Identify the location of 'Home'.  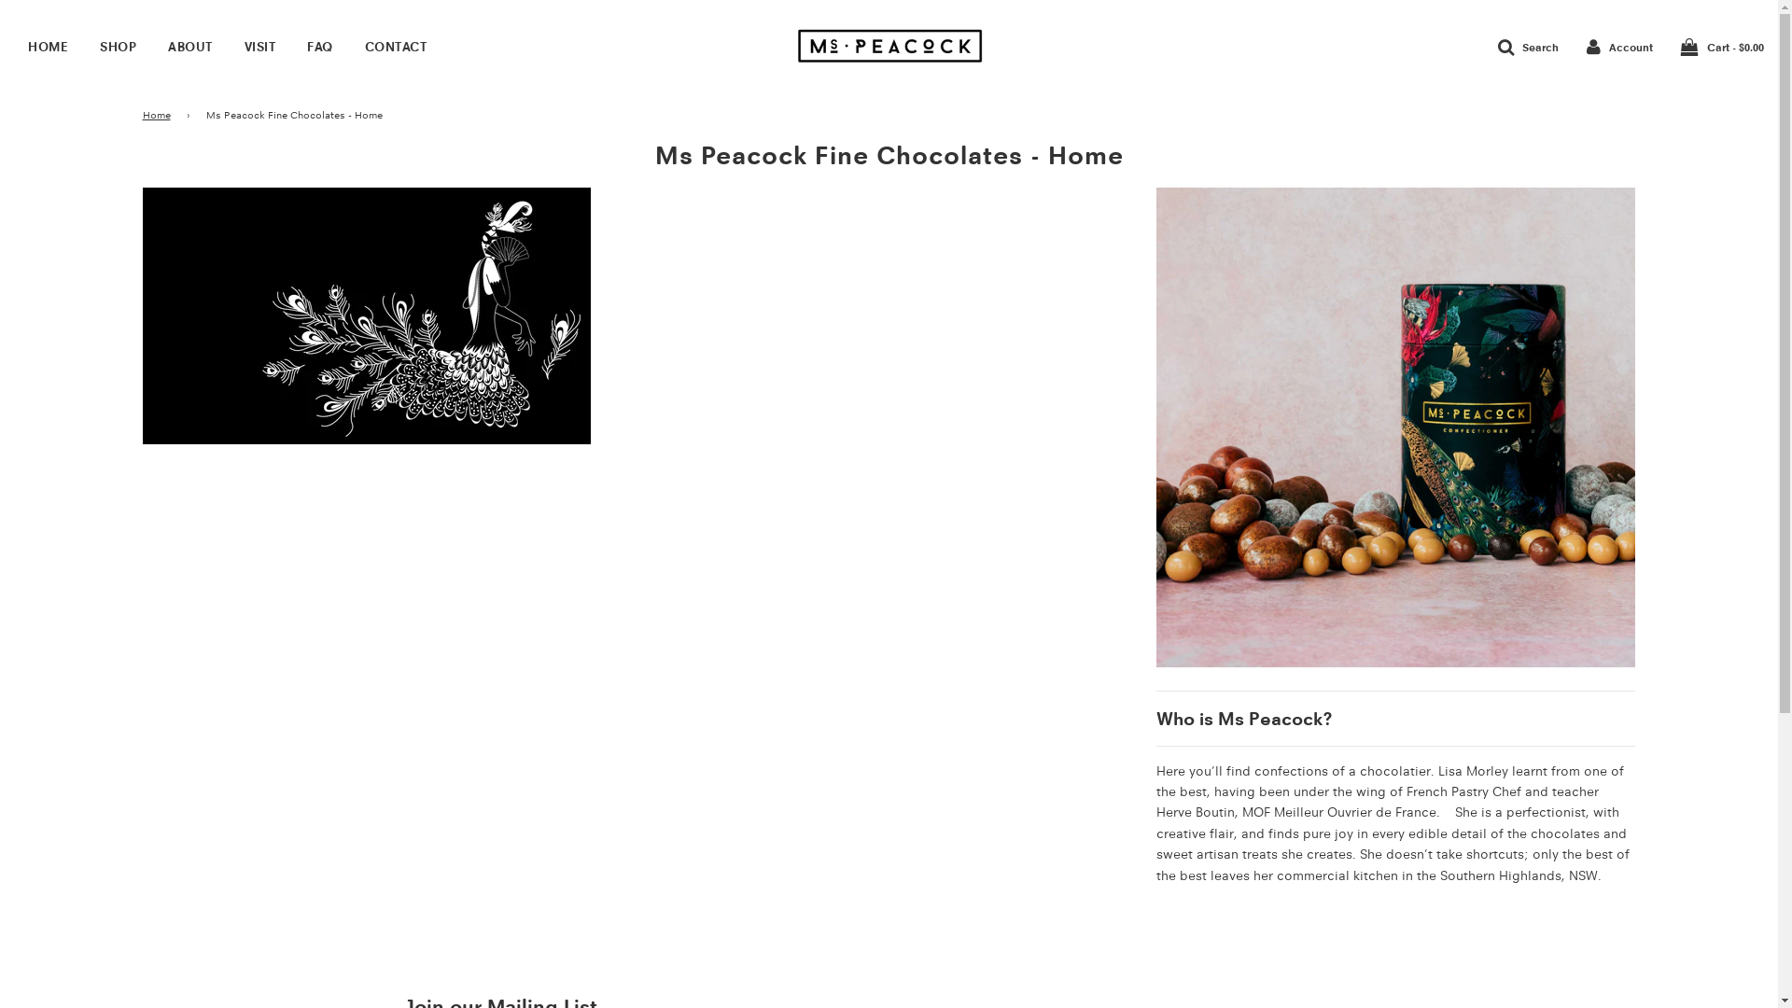
(159, 115).